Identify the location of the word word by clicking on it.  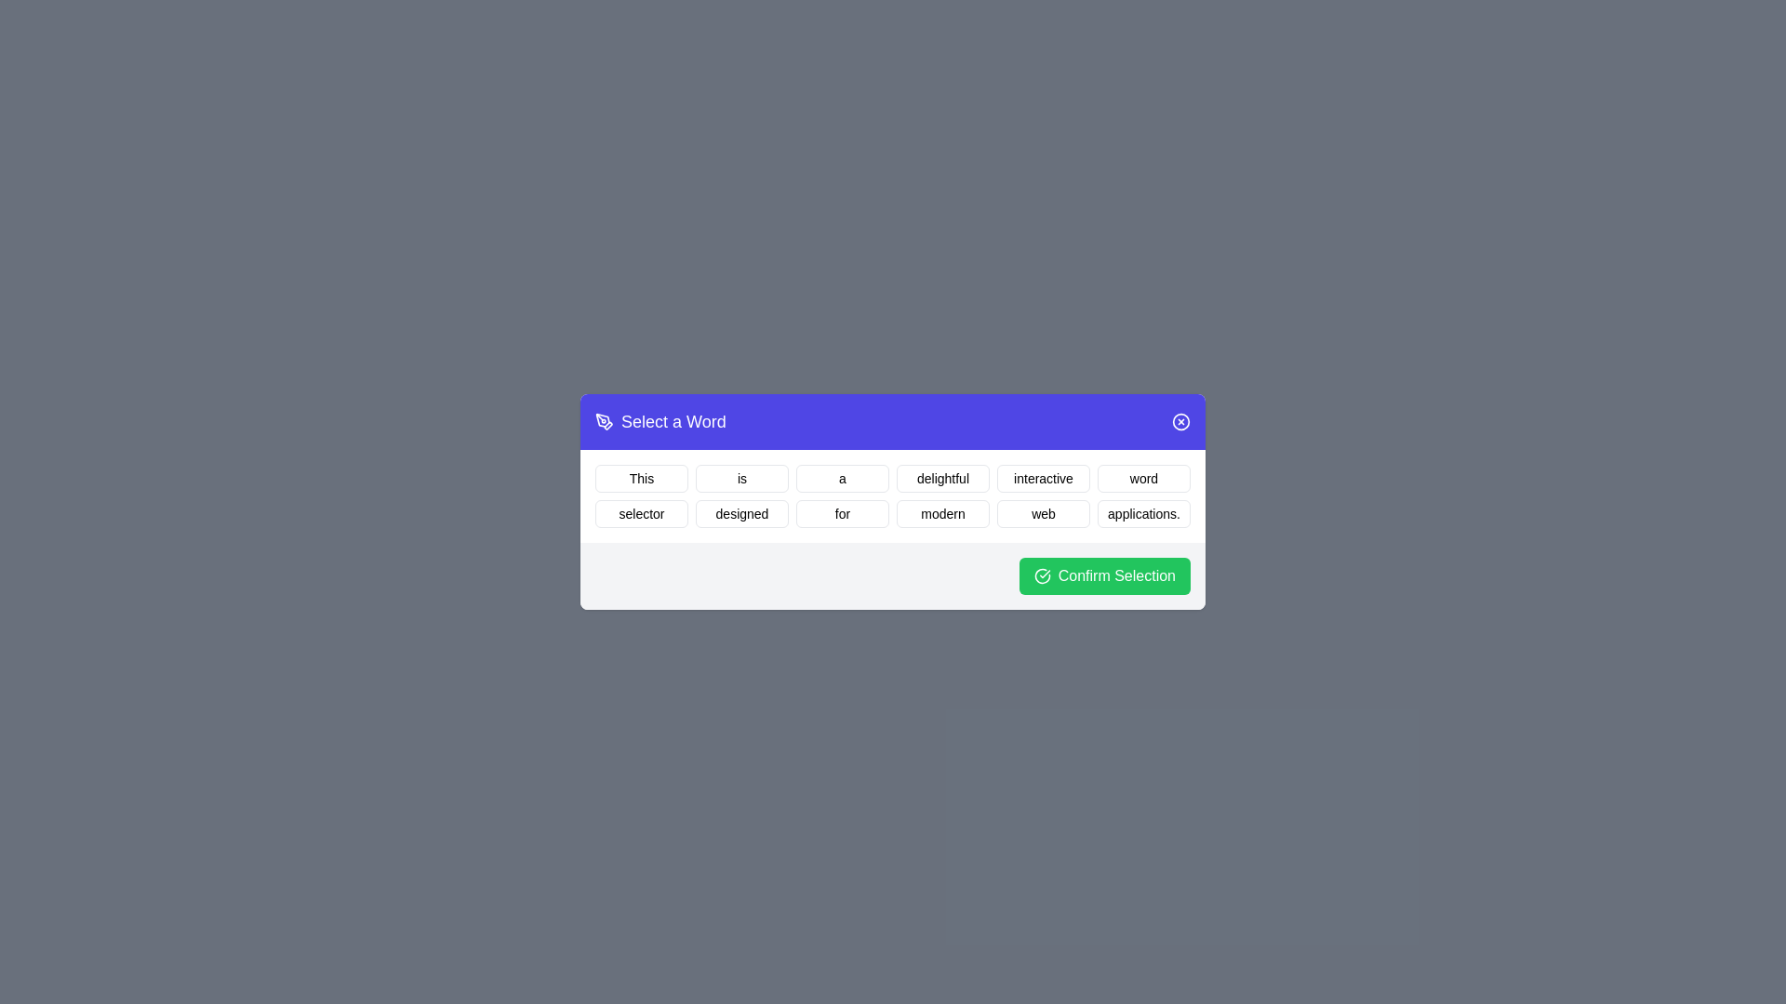
(1142, 478).